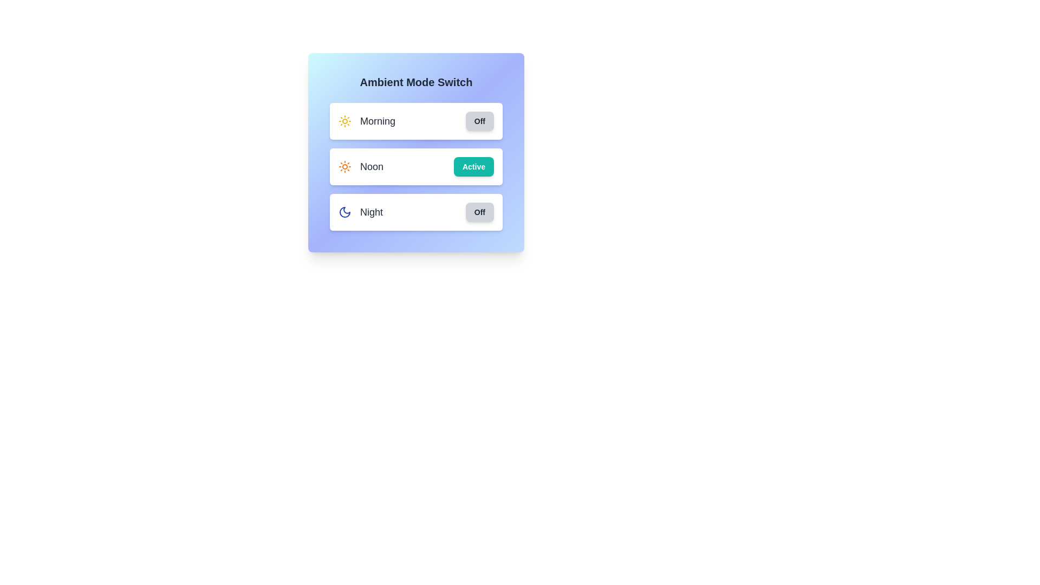 The height and width of the screenshot is (585, 1040). What do you see at coordinates (473, 167) in the screenshot?
I see `'Active' button for the 'Noon' ambient mode` at bounding box center [473, 167].